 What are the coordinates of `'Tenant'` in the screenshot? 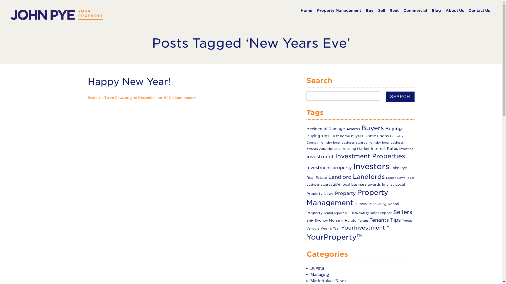 It's located at (358, 221).